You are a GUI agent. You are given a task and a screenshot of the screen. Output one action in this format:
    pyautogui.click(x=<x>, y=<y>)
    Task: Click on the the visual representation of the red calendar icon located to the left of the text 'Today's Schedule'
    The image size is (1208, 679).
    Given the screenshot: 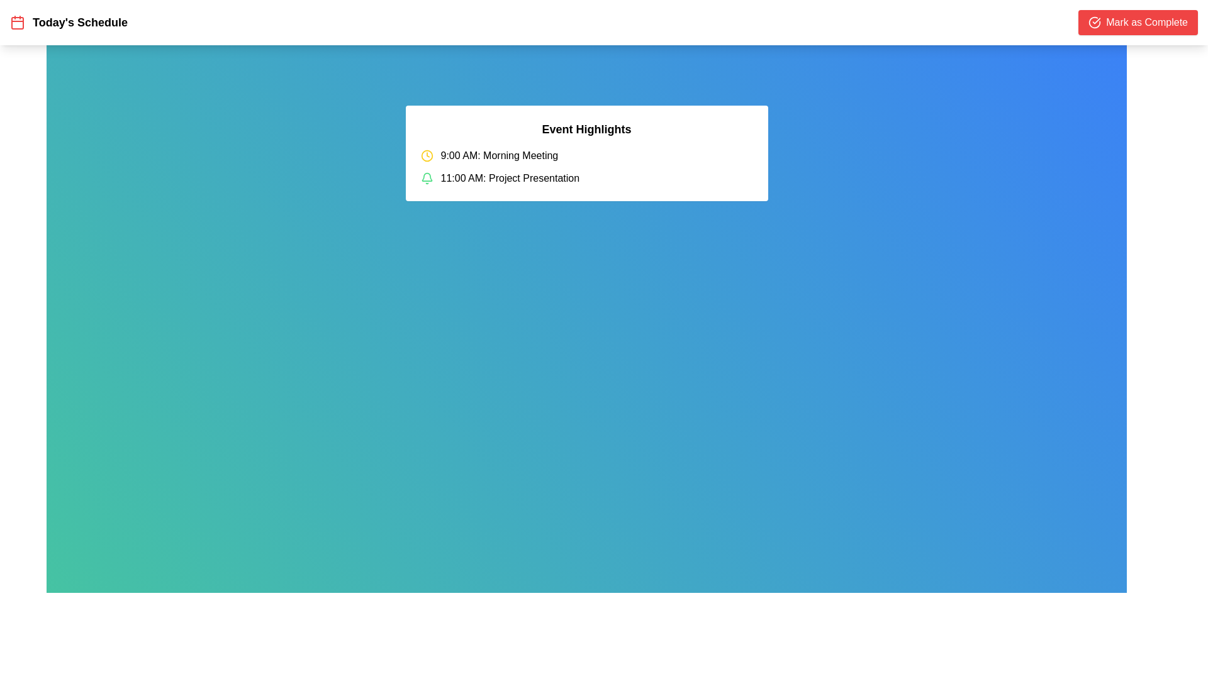 What is the action you would take?
    pyautogui.click(x=18, y=22)
    